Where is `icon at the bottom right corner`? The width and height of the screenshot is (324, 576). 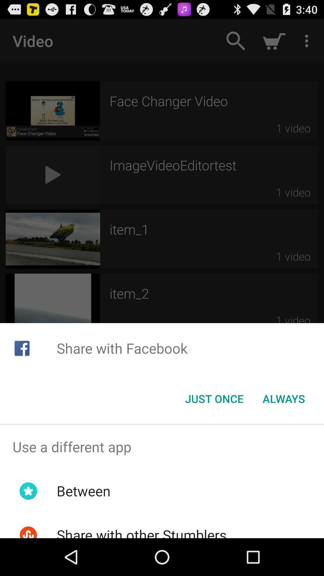 icon at the bottom right corner is located at coordinates (283, 399).